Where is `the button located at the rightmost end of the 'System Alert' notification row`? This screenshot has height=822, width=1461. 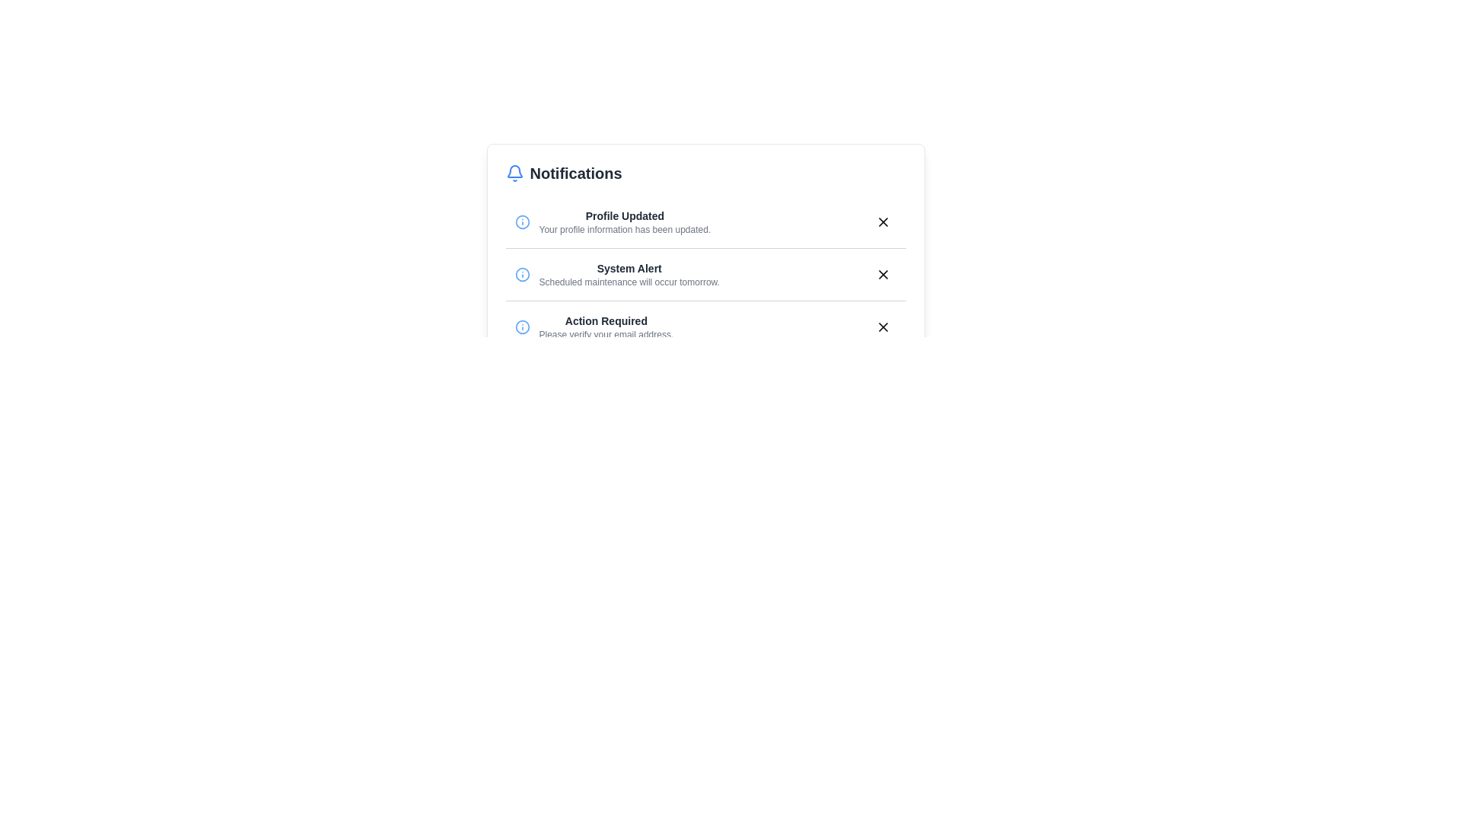
the button located at the rightmost end of the 'System Alert' notification row is located at coordinates (883, 275).